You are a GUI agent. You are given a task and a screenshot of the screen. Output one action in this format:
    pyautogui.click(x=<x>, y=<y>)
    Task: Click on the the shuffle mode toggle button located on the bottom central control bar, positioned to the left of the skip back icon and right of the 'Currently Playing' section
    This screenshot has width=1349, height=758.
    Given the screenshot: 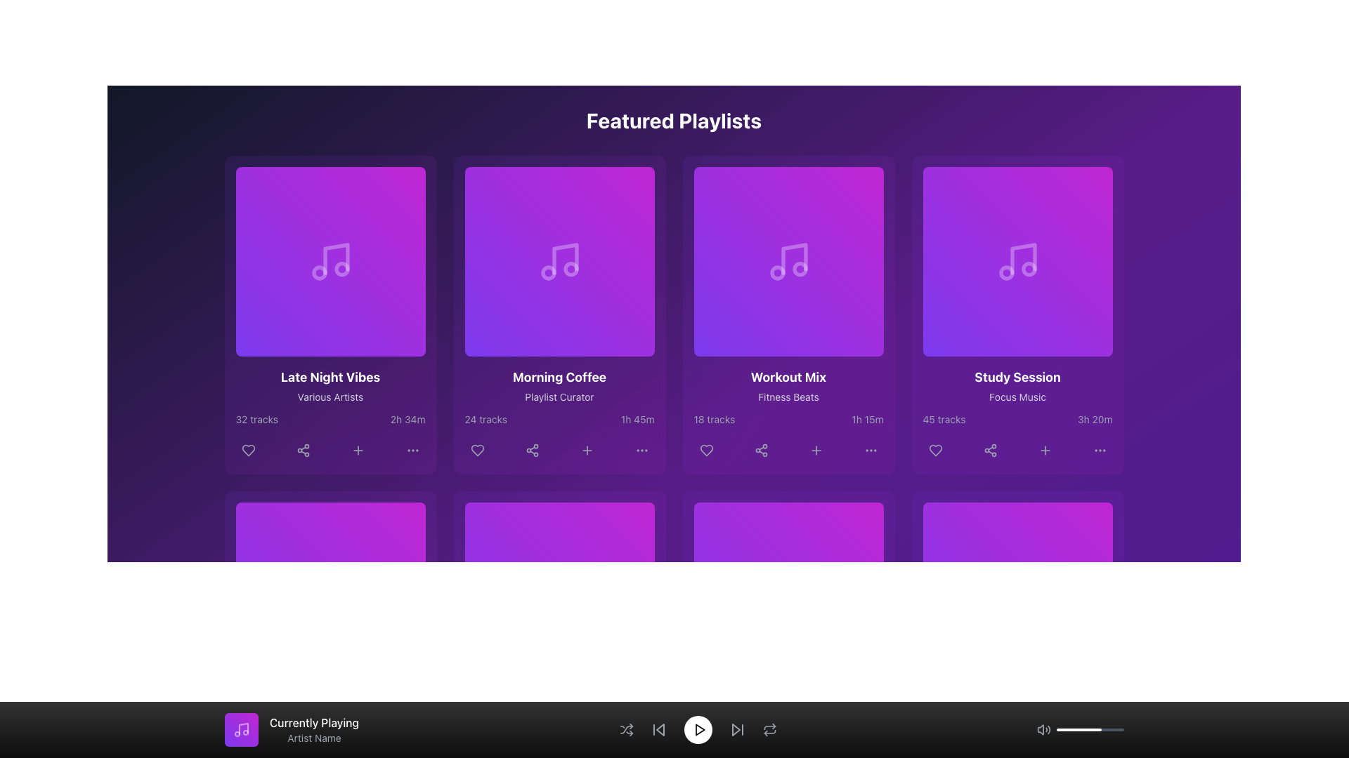 What is the action you would take?
    pyautogui.click(x=625, y=729)
    